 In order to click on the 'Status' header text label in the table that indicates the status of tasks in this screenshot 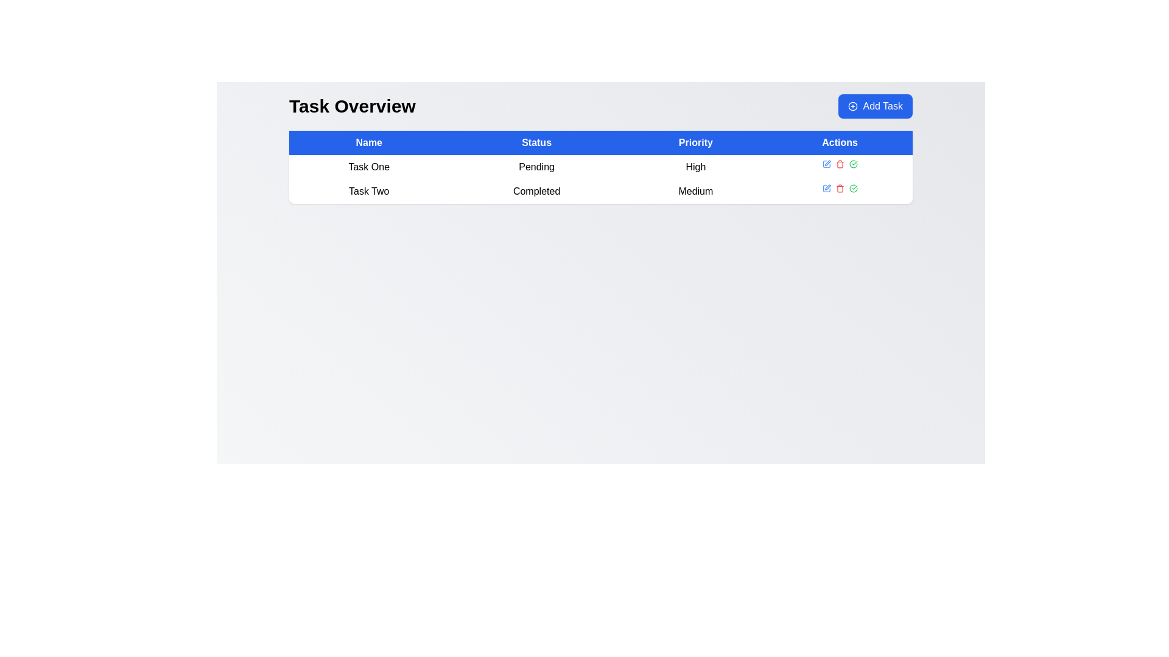, I will do `click(536, 142)`.